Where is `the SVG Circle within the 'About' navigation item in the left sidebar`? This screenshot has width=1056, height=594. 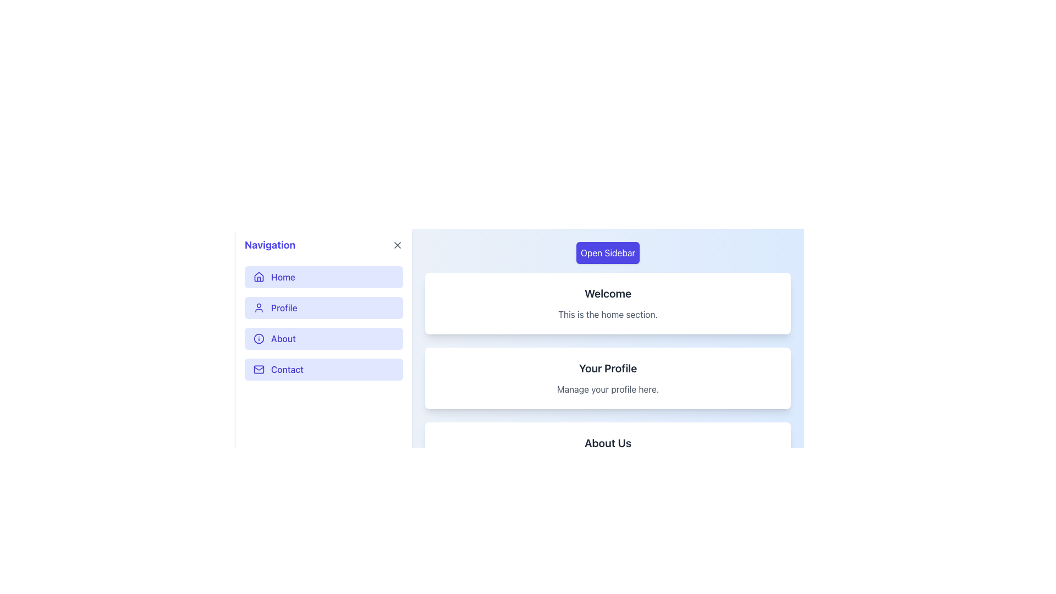 the SVG Circle within the 'About' navigation item in the left sidebar is located at coordinates (258, 338).